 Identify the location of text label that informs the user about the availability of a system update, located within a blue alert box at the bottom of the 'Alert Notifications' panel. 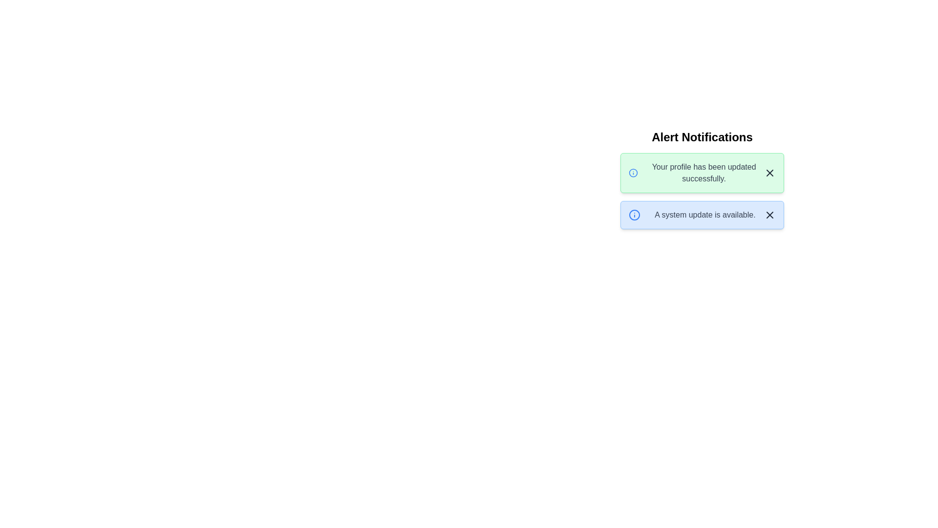
(705, 214).